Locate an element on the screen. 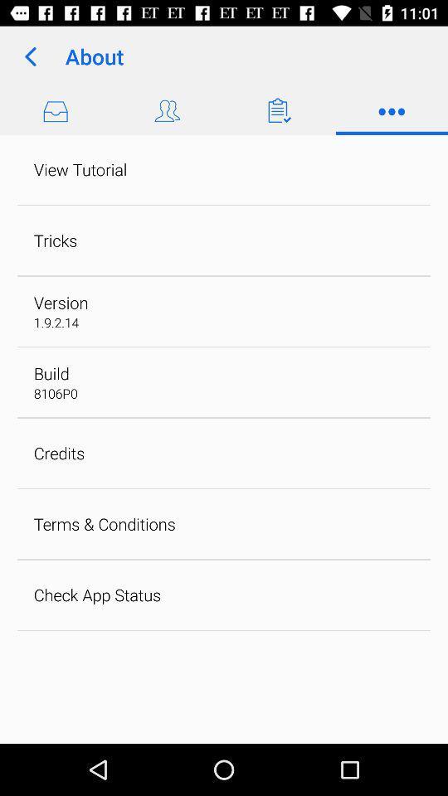 The image size is (448, 796). credits app is located at coordinates (58, 453).